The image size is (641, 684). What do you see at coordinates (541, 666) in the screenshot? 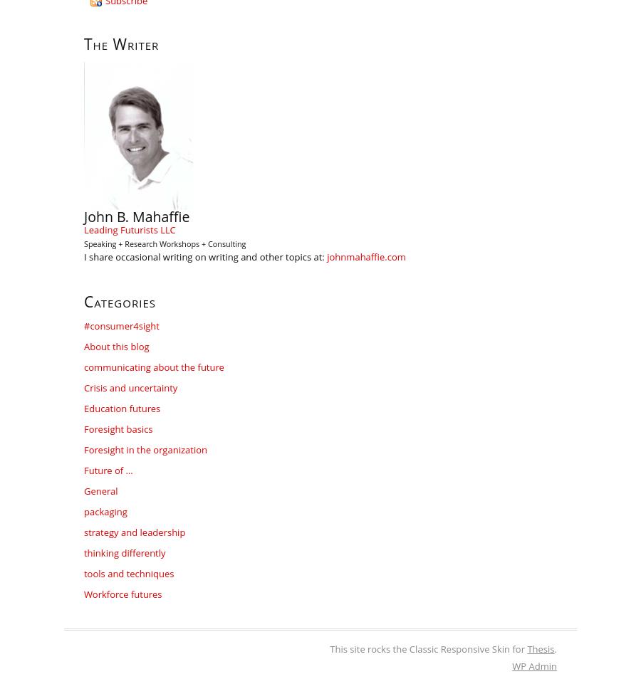
I see `'Admin'` at bounding box center [541, 666].